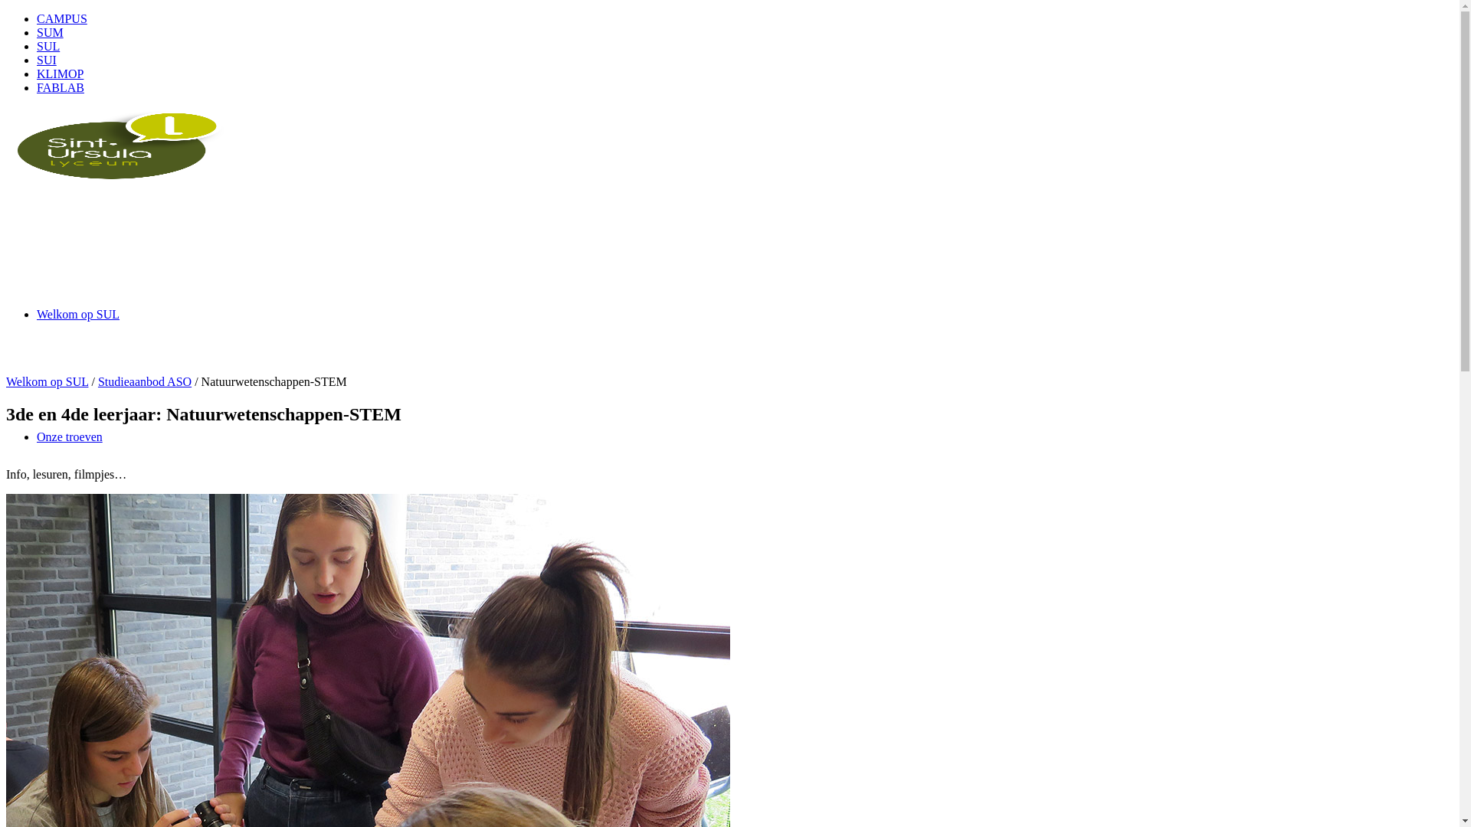 This screenshot has width=1471, height=827. What do you see at coordinates (37, 681) in the screenshot?
I see `'Inschrijvingen'` at bounding box center [37, 681].